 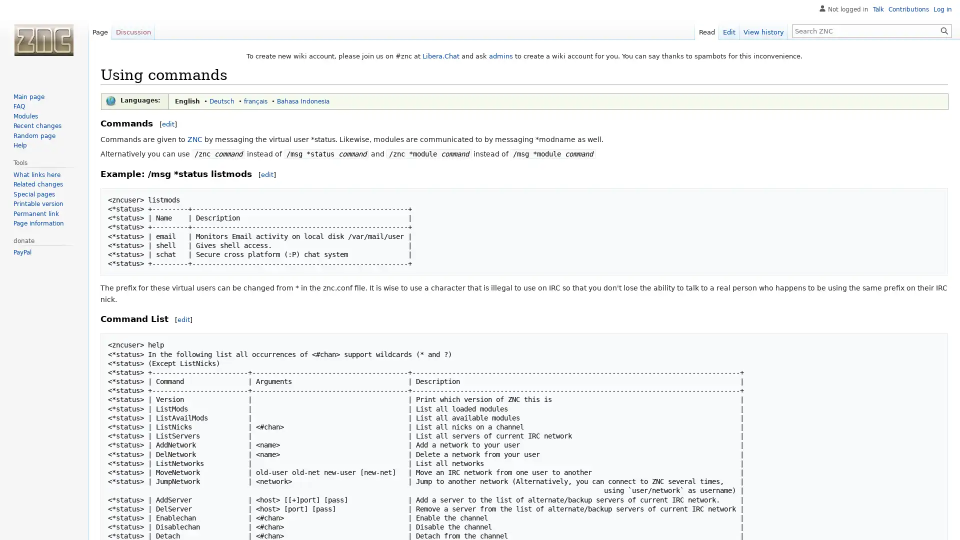 What do you see at coordinates (944, 30) in the screenshot?
I see `Go` at bounding box center [944, 30].